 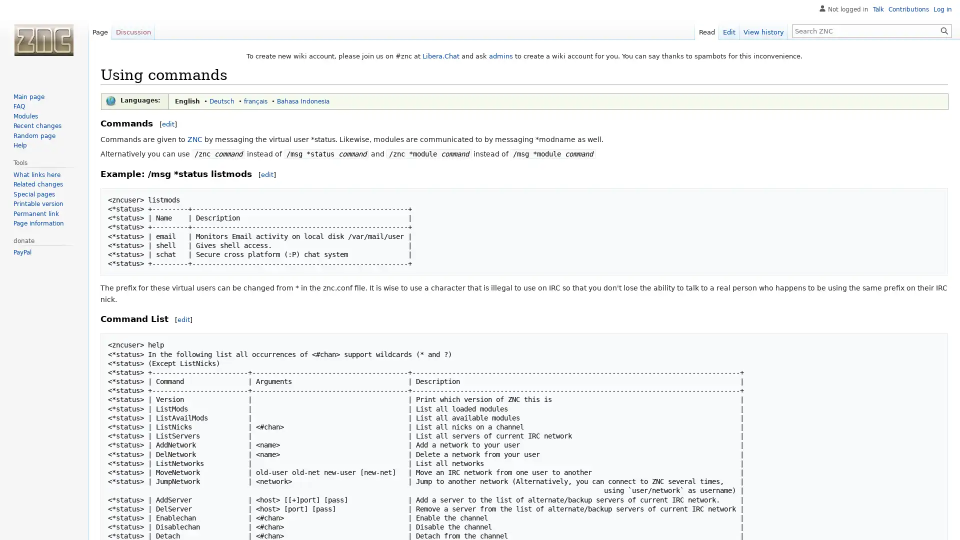 What do you see at coordinates (944, 30) in the screenshot?
I see `Go` at bounding box center [944, 30].